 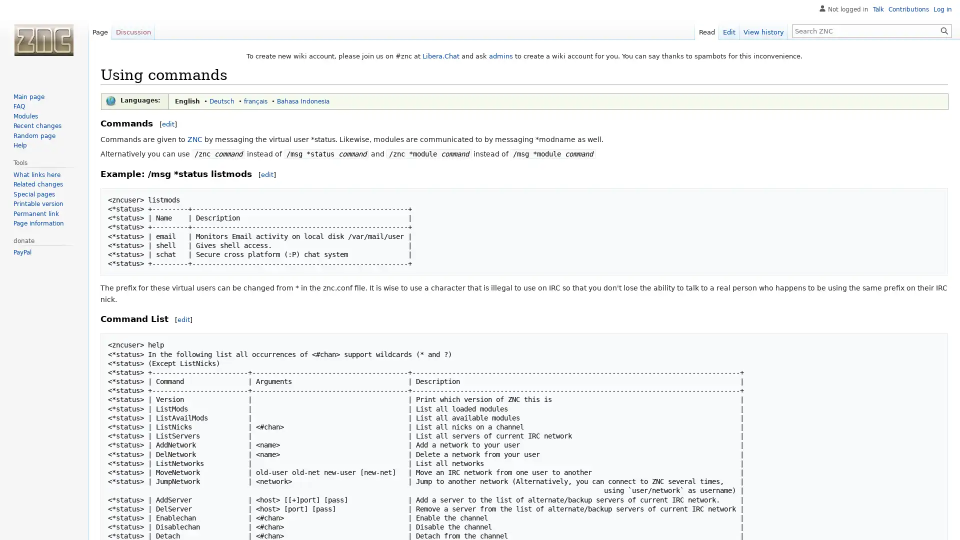 What do you see at coordinates (944, 30) in the screenshot?
I see `Go` at bounding box center [944, 30].